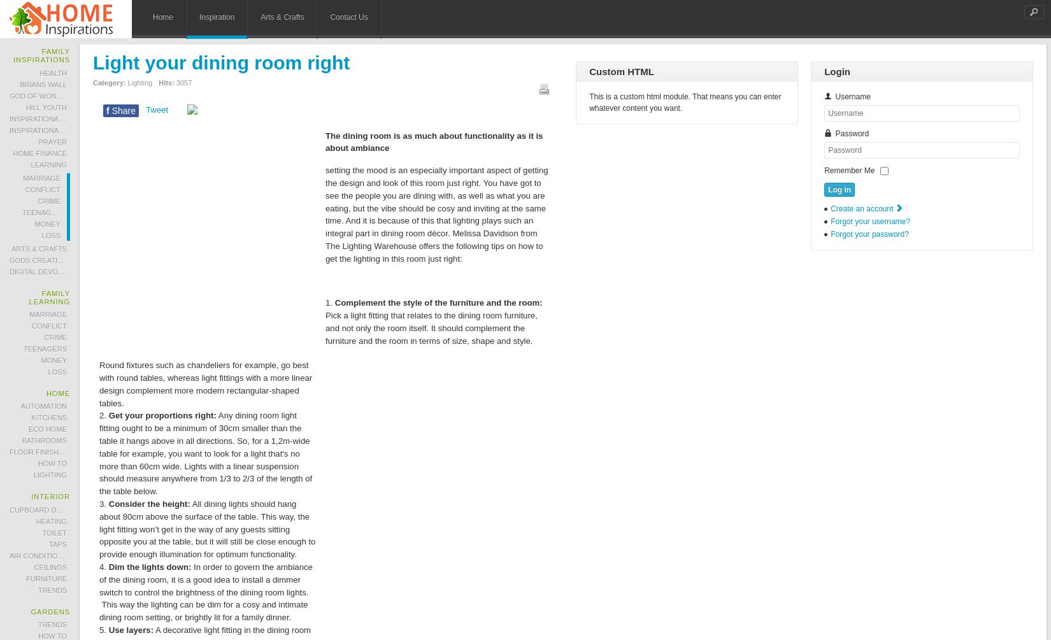 Image resolution: width=1051 pixels, height=640 pixels. What do you see at coordinates (52, 141) in the screenshot?
I see `'Prayer'` at bounding box center [52, 141].